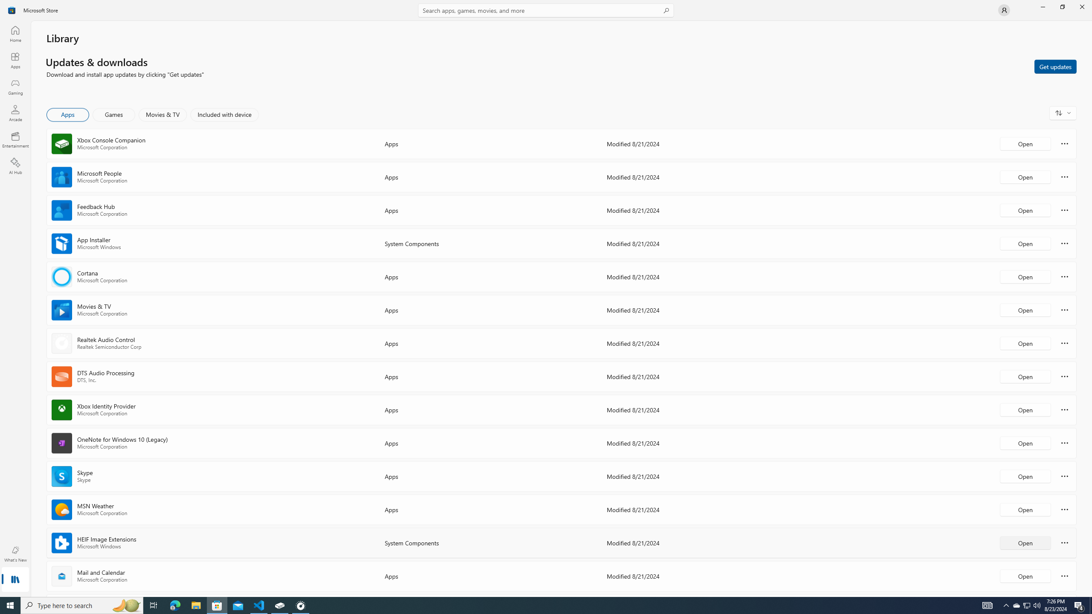 Image resolution: width=1092 pixels, height=614 pixels. I want to click on 'Minimize Microsoft Store', so click(1042, 6).